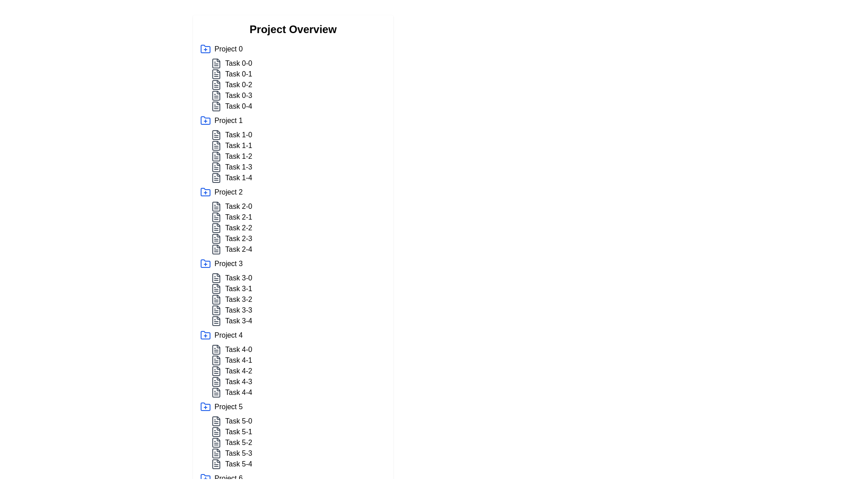 The image size is (858, 483). Describe the element at coordinates (298, 145) in the screenshot. I see `the second list item under the heading 'Project 1' for keyboard actions` at that location.